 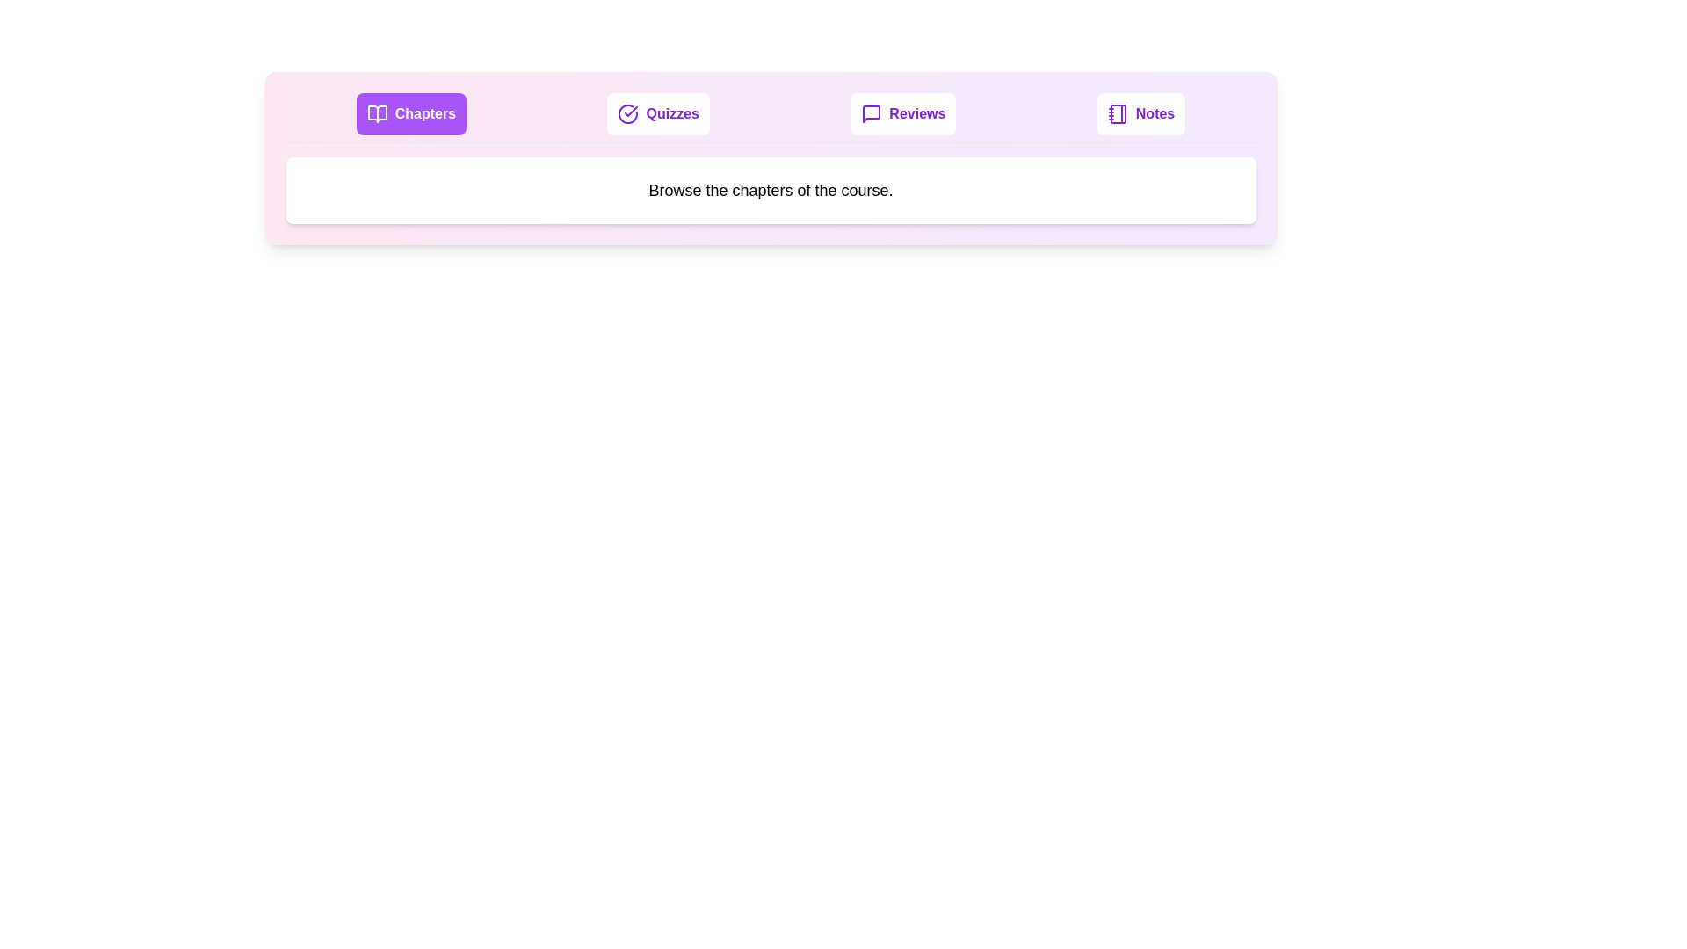 What do you see at coordinates (903, 114) in the screenshot?
I see `the Reviews tab` at bounding box center [903, 114].